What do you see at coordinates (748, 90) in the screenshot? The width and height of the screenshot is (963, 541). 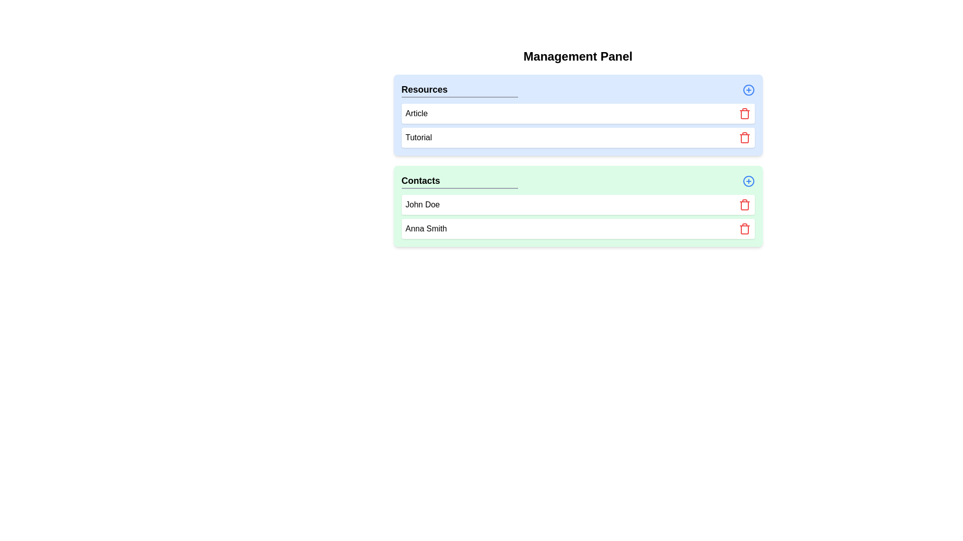 I see `'+' button for the category Resources to add a new element` at bounding box center [748, 90].